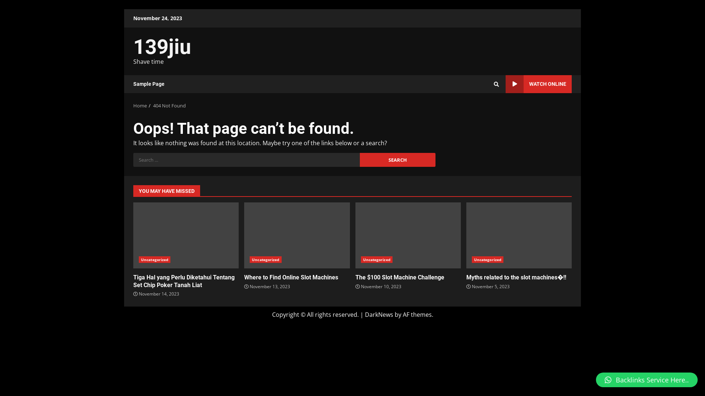  What do you see at coordinates (488, 259) in the screenshot?
I see `'Uncategorized'` at bounding box center [488, 259].